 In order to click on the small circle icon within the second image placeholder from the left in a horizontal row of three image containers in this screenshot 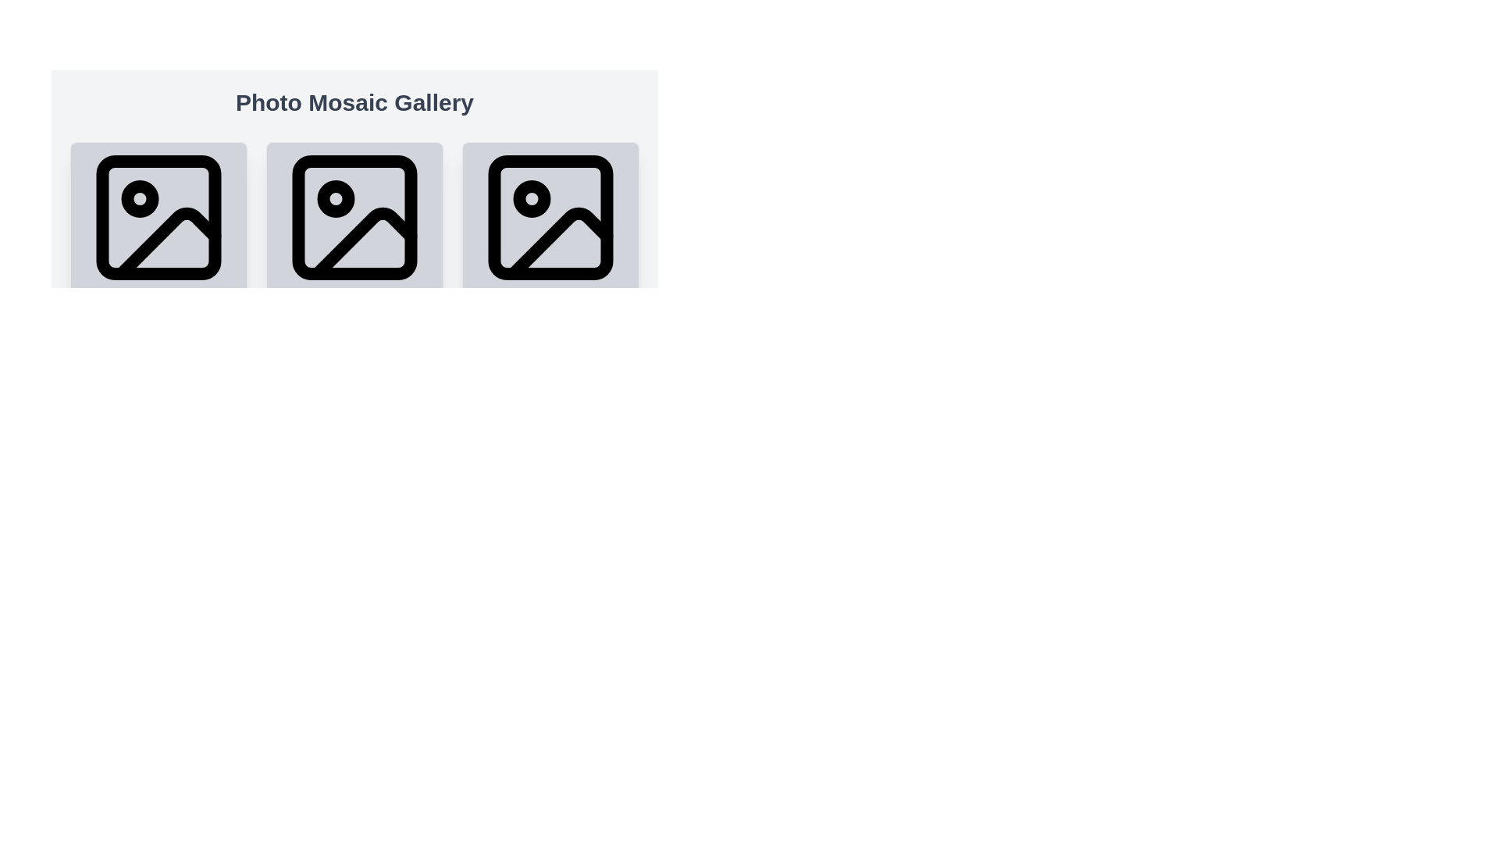, I will do `click(335, 197)`.